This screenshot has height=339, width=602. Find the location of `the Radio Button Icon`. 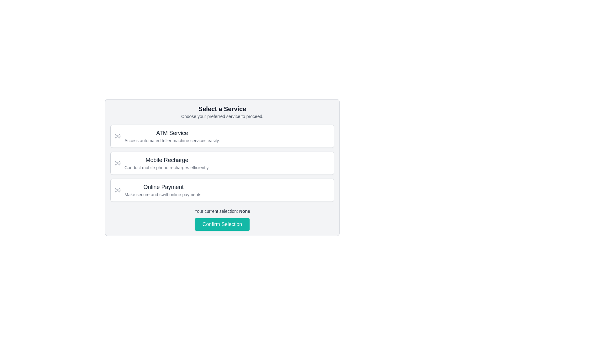

the Radio Button Icon is located at coordinates (117, 190).